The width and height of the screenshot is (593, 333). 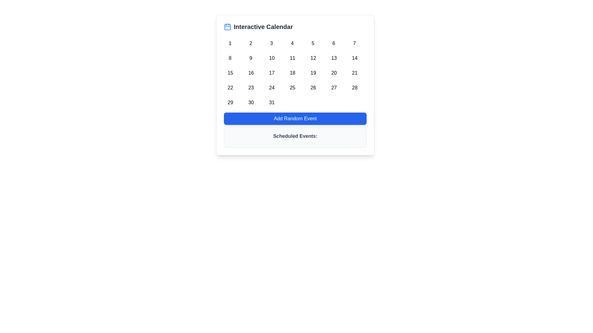 What do you see at coordinates (295, 136) in the screenshot?
I see `the Text Label that serves as a title for the section listing scheduled events, located below the 'Add Random Event' button` at bounding box center [295, 136].